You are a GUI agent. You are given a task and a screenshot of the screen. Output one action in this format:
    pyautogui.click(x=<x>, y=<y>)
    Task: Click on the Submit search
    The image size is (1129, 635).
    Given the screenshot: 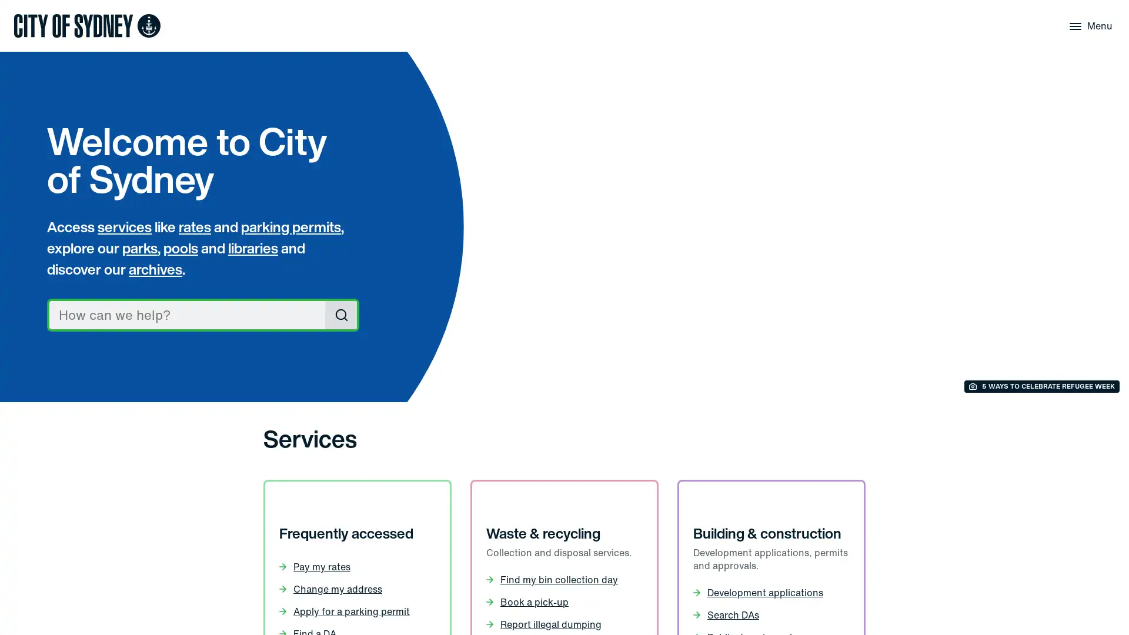 What is the action you would take?
    pyautogui.click(x=340, y=315)
    